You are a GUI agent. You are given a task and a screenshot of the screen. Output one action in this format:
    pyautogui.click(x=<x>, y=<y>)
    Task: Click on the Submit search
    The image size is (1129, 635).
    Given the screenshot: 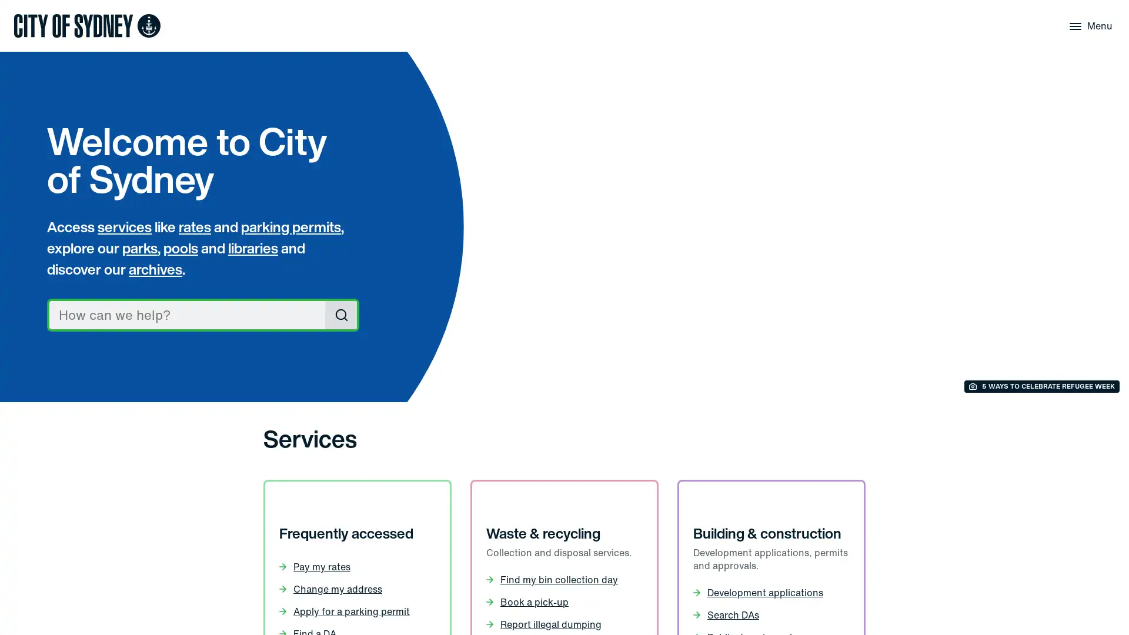 What is the action you would take?
    pyautogui.click(x=340, y=315)
    